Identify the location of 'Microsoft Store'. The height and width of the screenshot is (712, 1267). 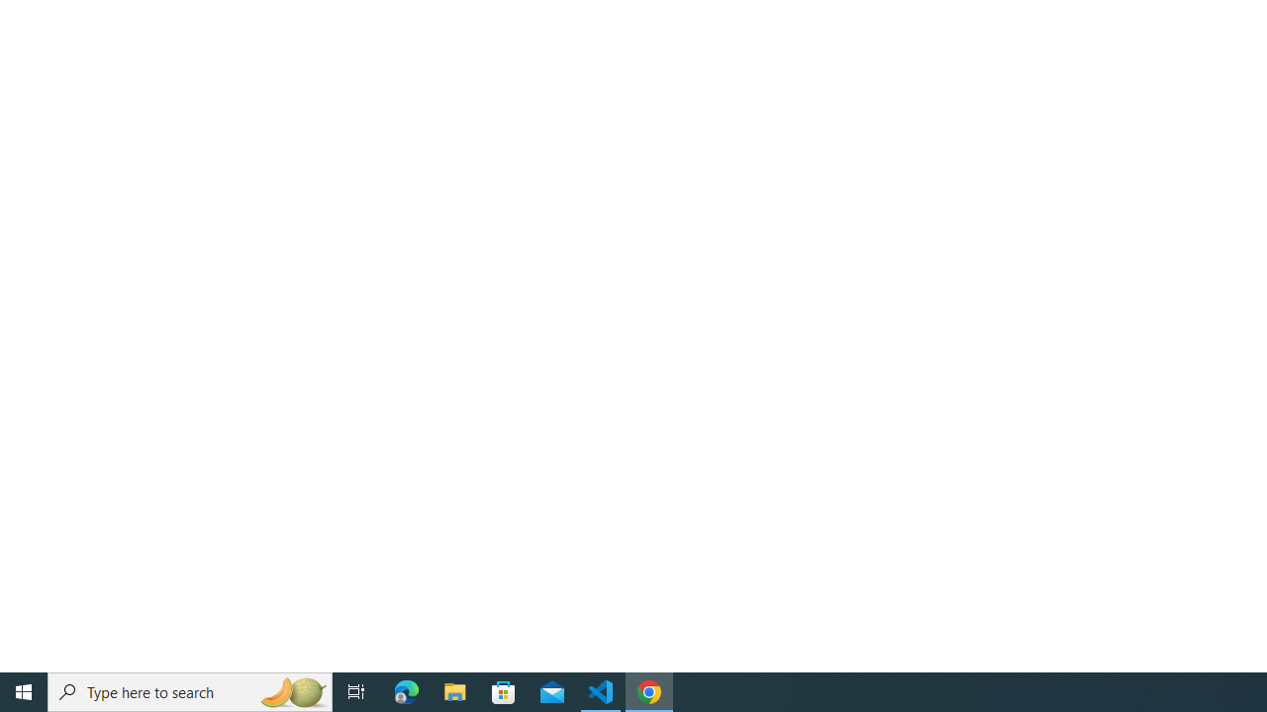
(504, 690).